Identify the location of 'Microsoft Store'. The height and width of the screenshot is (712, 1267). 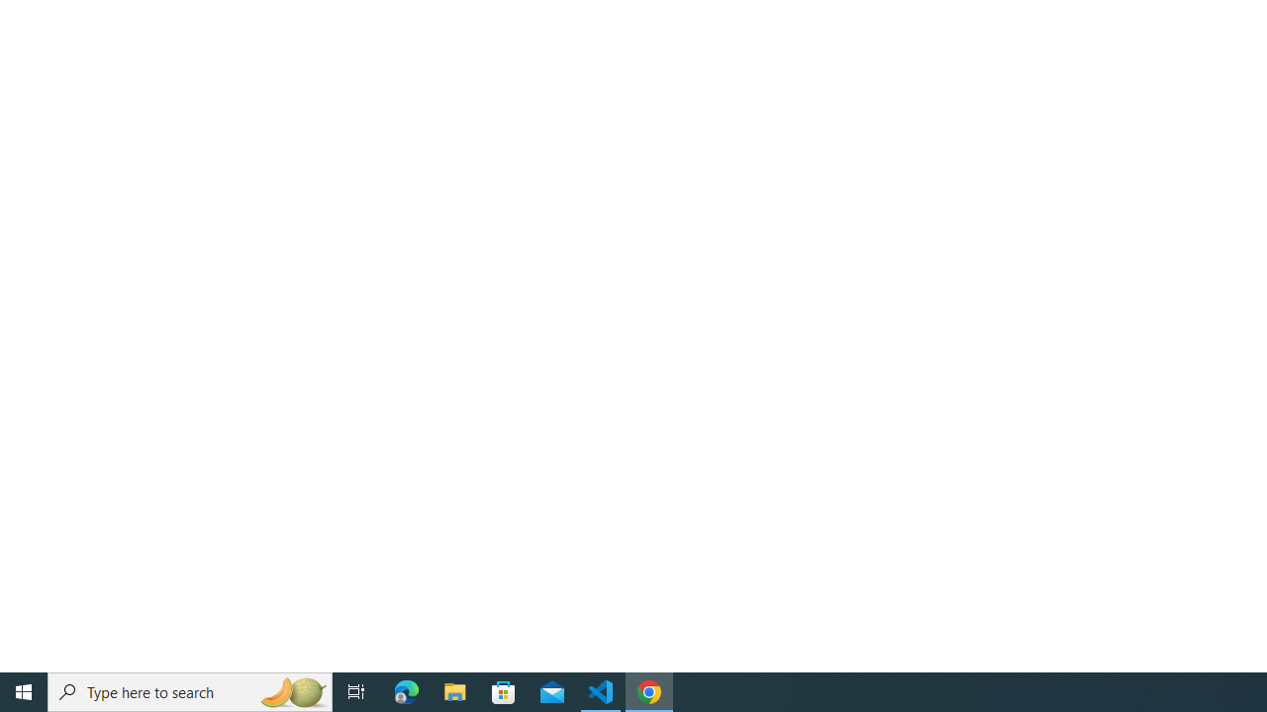
(504, 690).